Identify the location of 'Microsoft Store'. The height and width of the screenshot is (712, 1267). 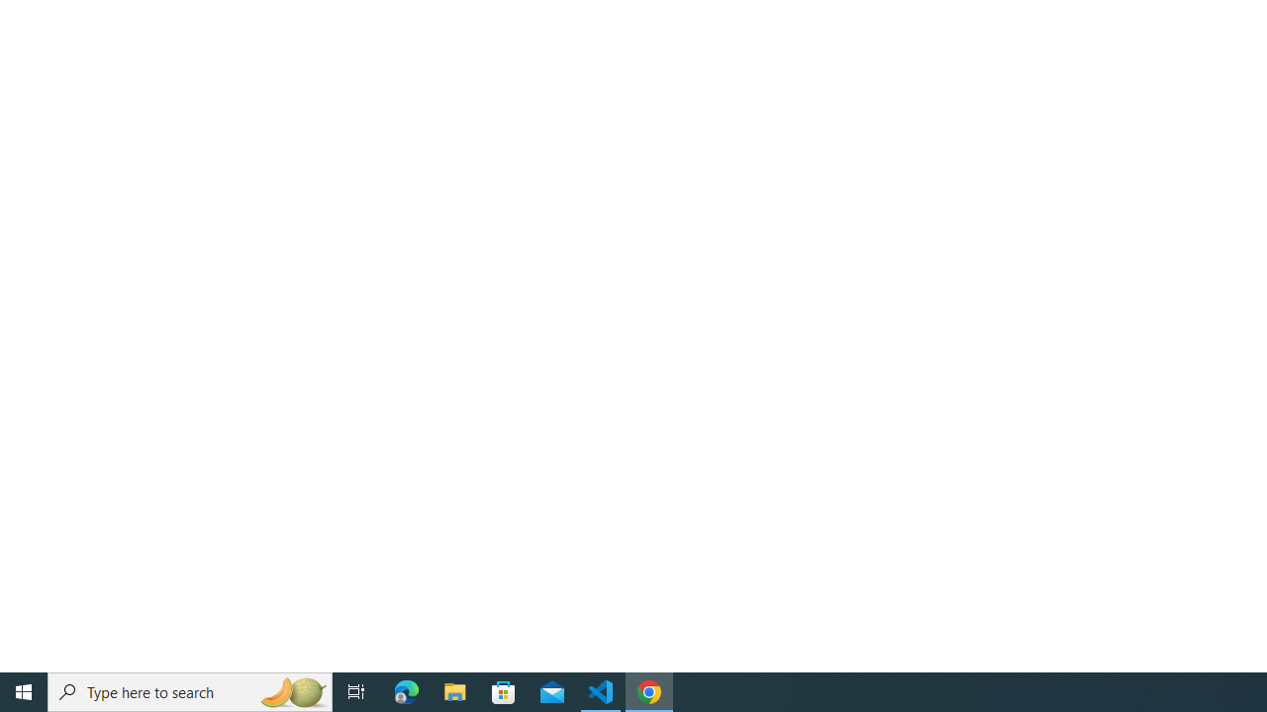
(504, 690).